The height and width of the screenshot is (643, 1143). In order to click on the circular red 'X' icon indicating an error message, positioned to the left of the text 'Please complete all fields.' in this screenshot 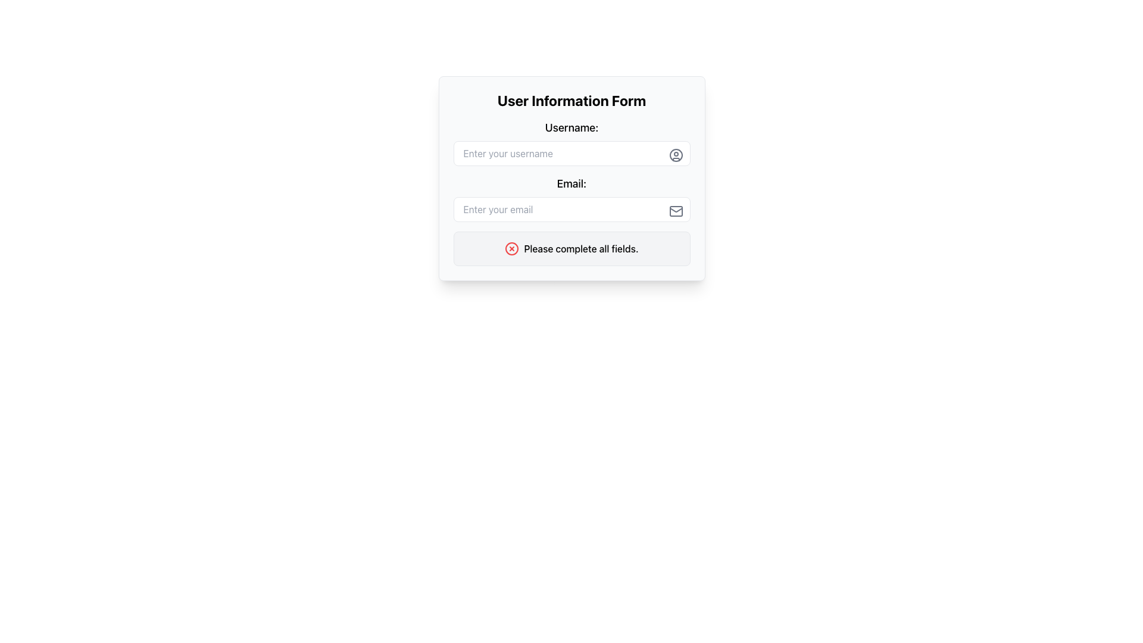, I will do `click(512, 248)`.